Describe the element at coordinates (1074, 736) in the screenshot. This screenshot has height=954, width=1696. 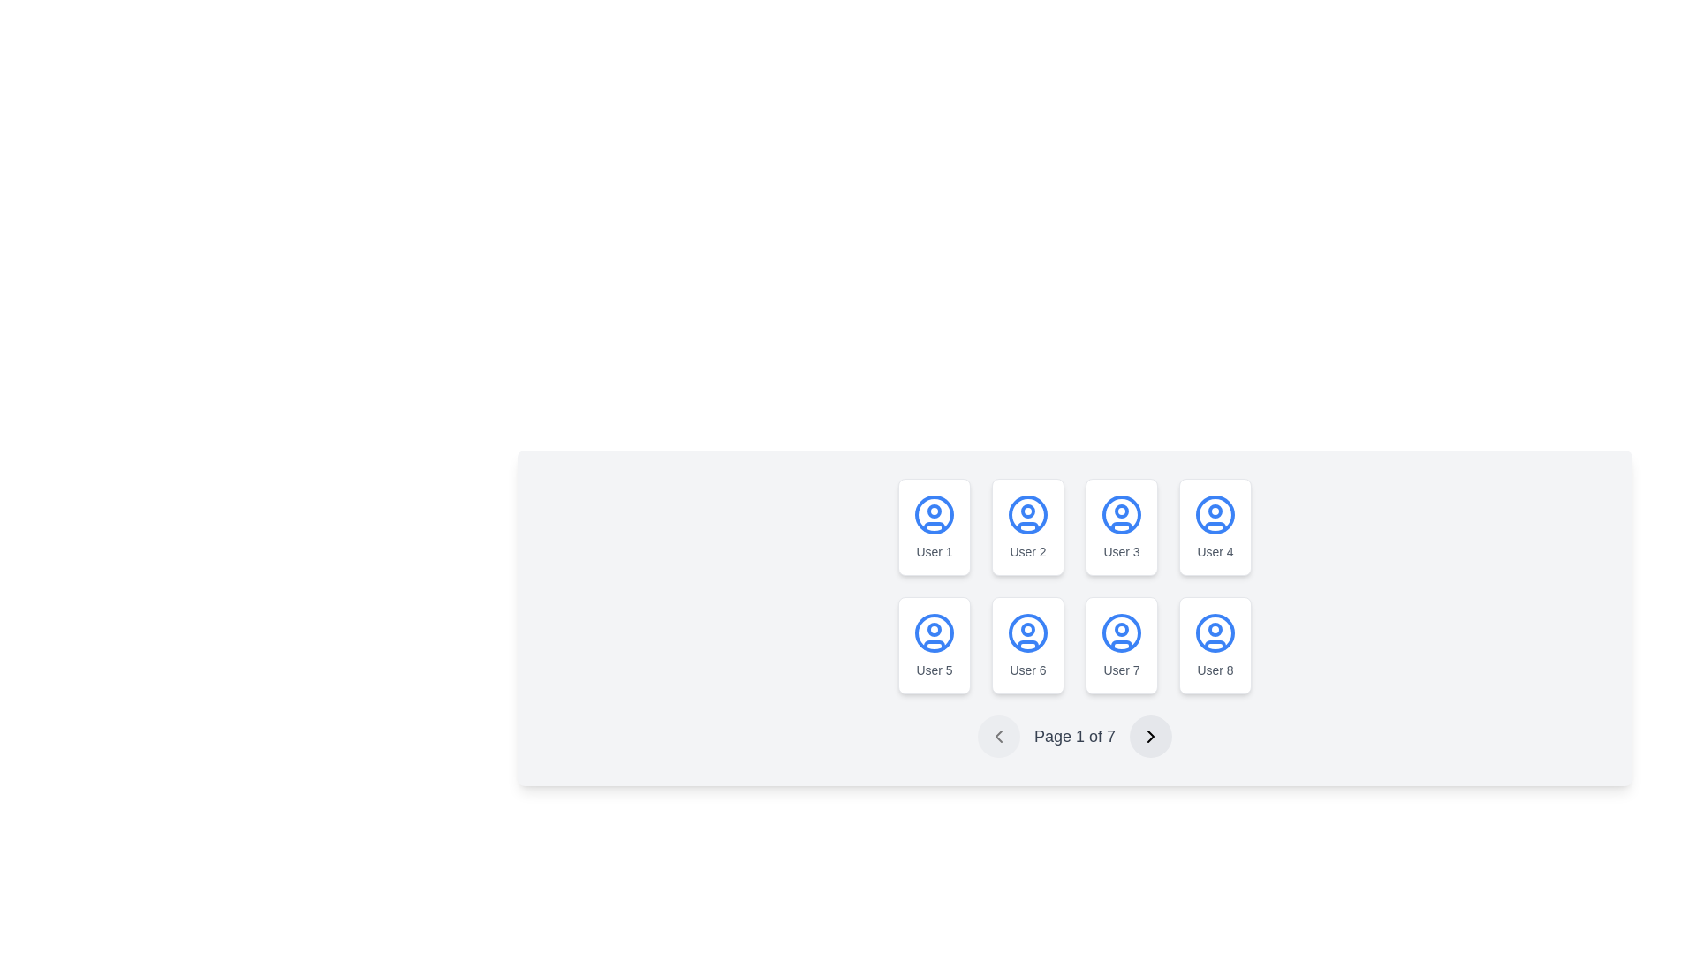
I see `text indicating the current and total pages from the pagination control, which displays 'Page 1 of 7' and is located at the center bottom of the user display grid` at that location.